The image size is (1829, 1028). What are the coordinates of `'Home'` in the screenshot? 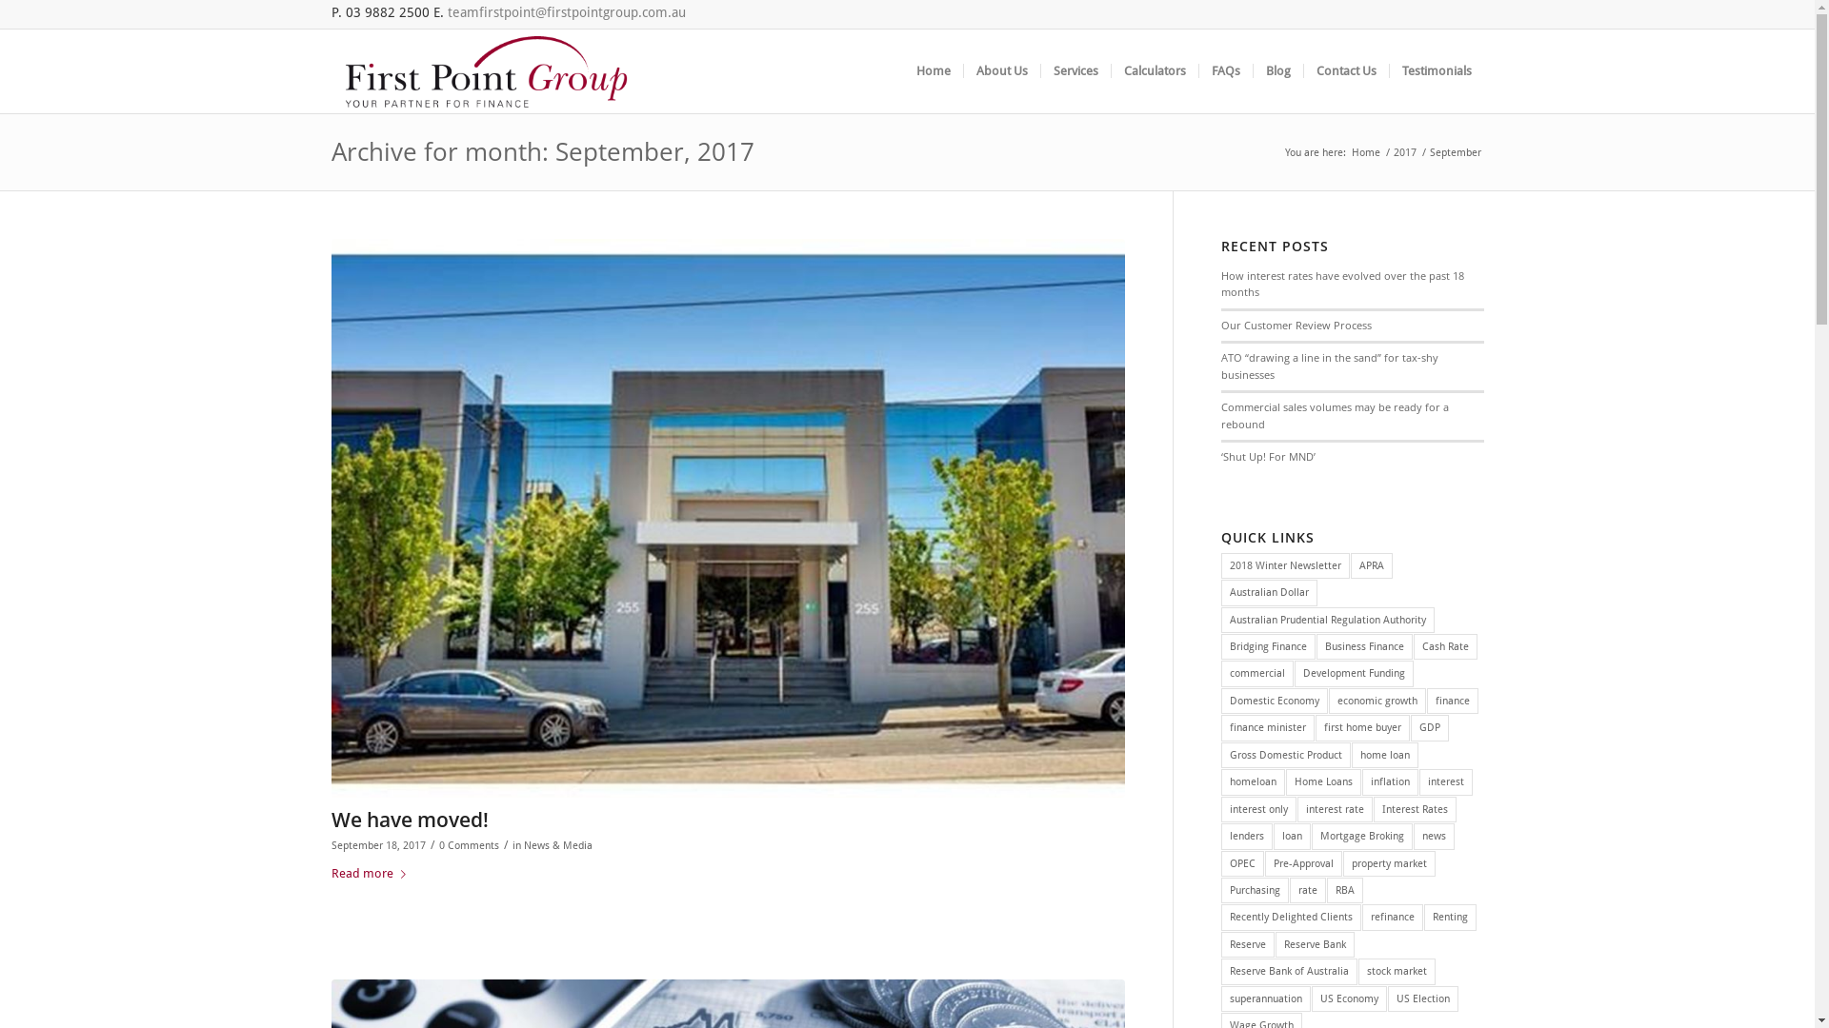 It's located at (1365, 151).